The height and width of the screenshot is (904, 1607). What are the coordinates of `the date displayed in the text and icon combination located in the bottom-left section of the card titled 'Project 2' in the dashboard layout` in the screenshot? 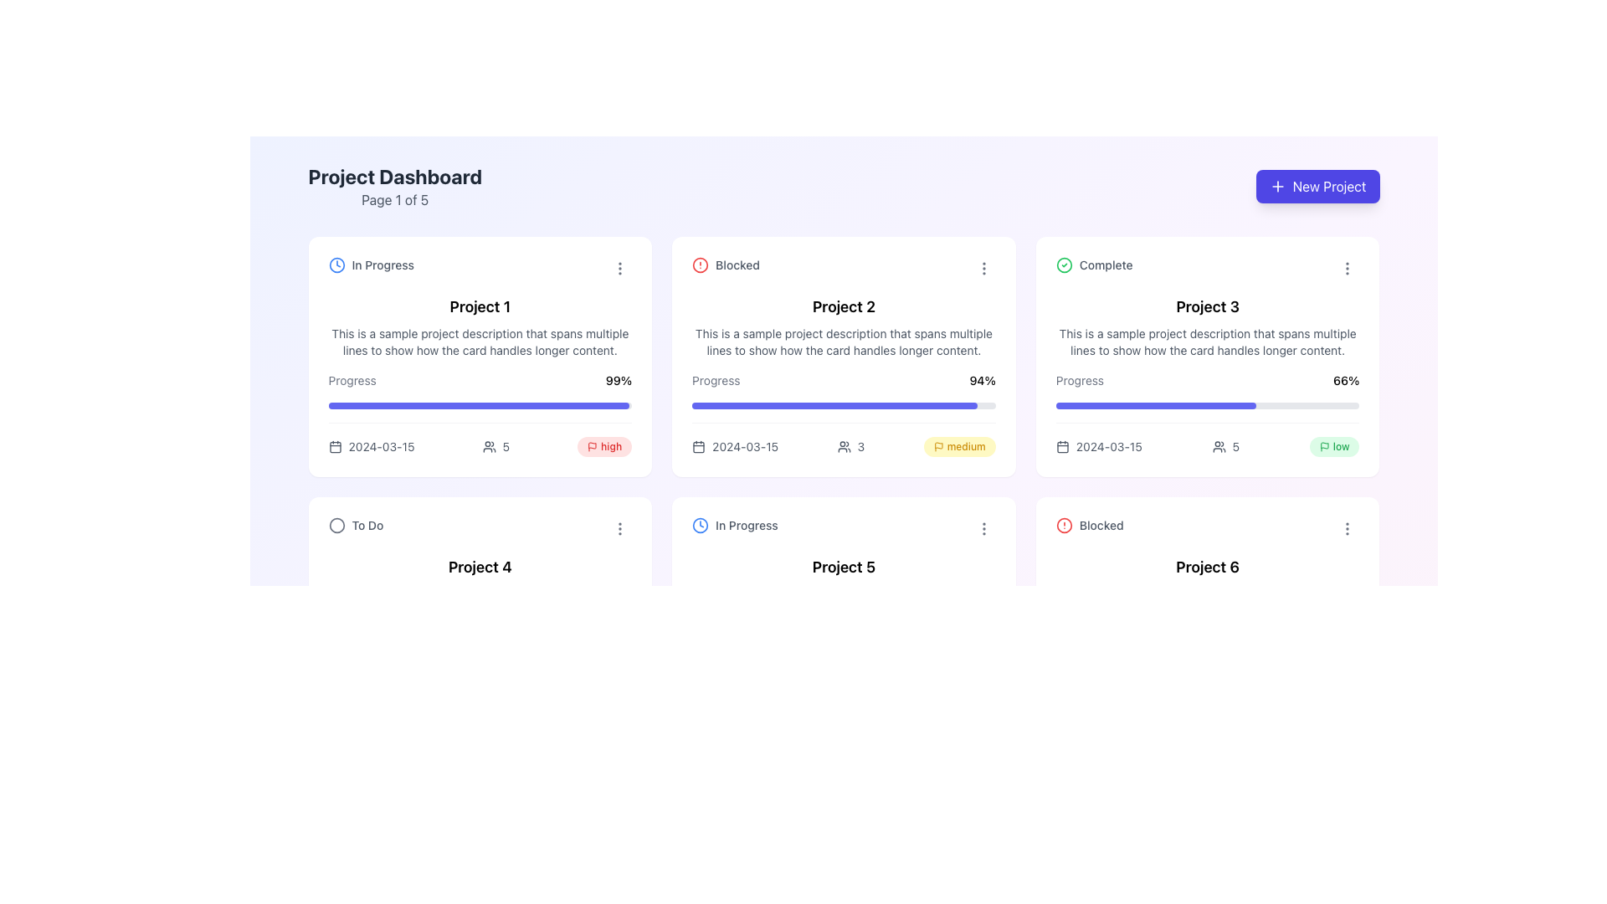 It's located at (735, 445).